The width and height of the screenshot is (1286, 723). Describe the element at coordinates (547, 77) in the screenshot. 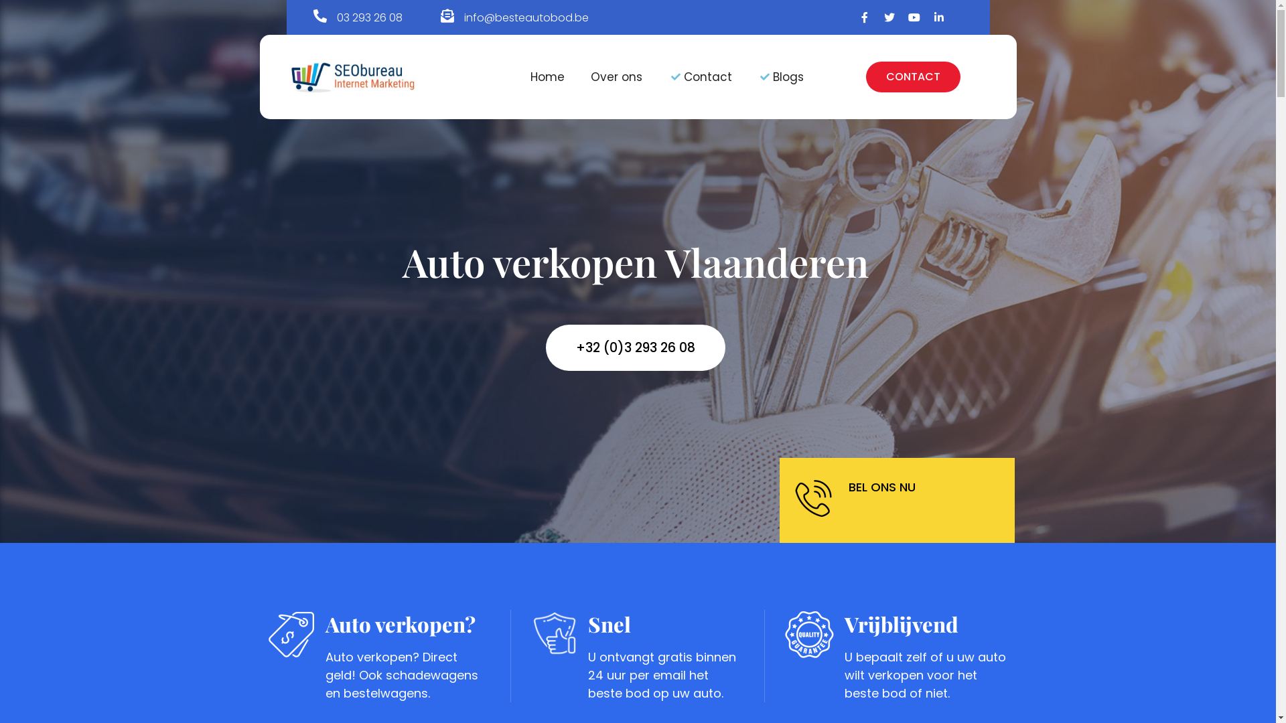

I see `'Home'` at that location.